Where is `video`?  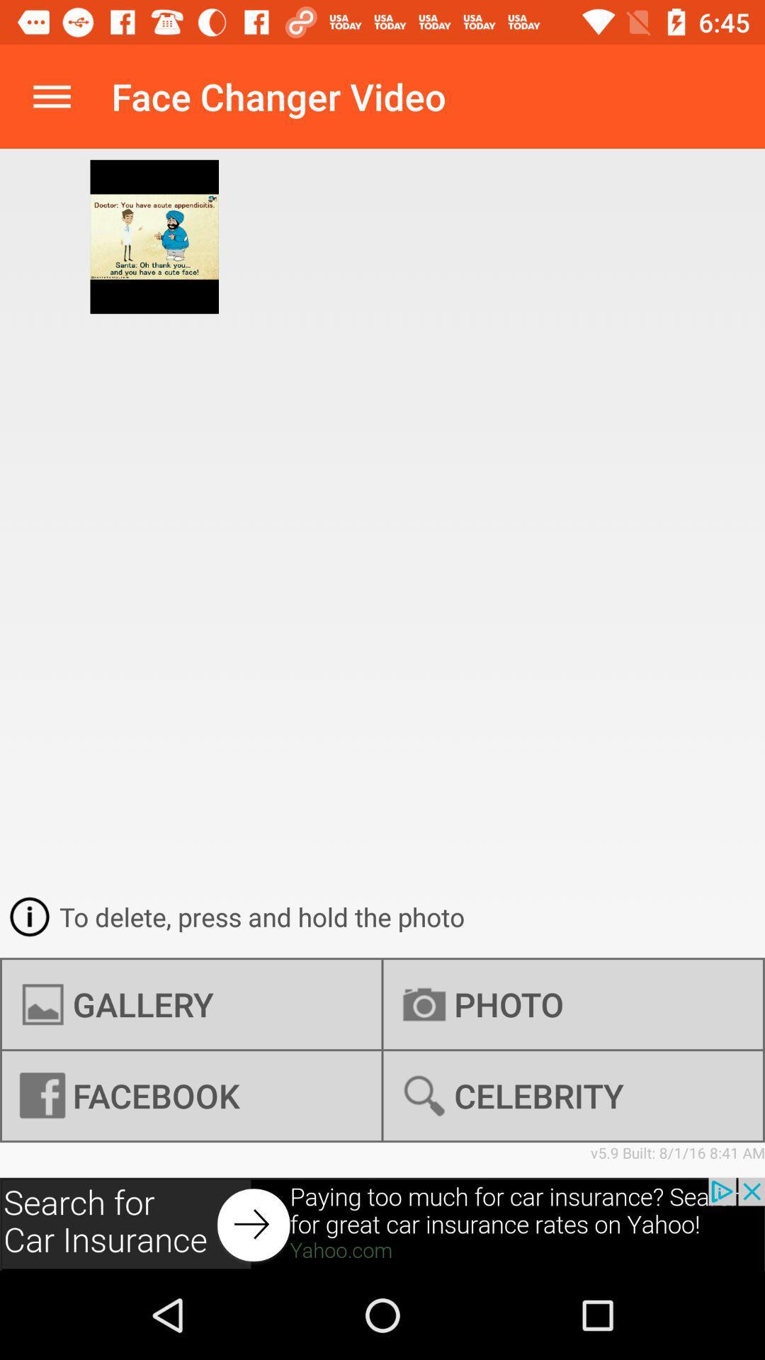 video is located at coordinates (382, 1223).